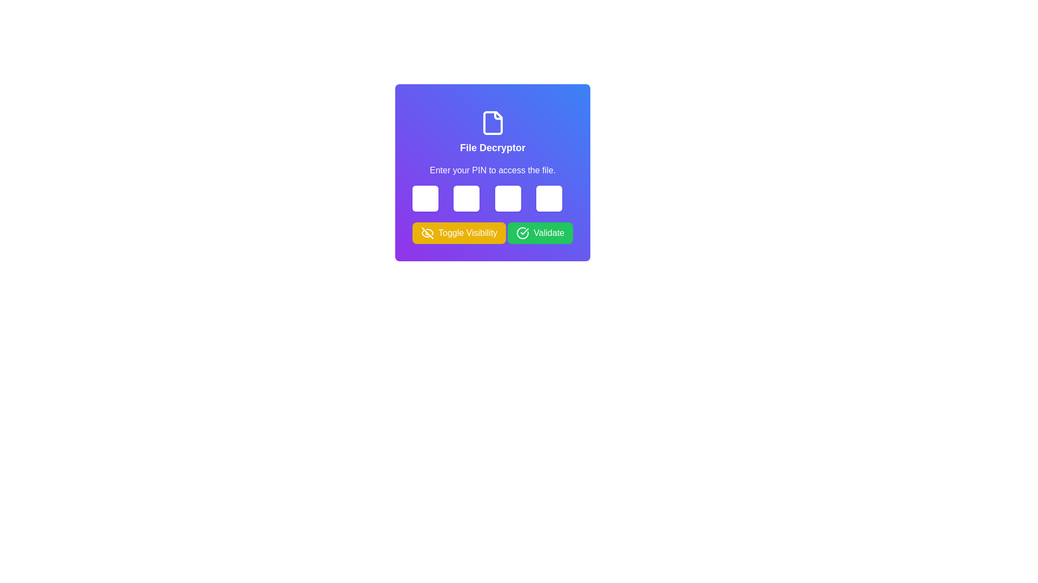 Image resolution: width=1038 pixels, height=583 pixels. I want to click on the 'eye-off' SVG icon located on the left side of the 'Toggle Visibility' button, so click(427, 233).